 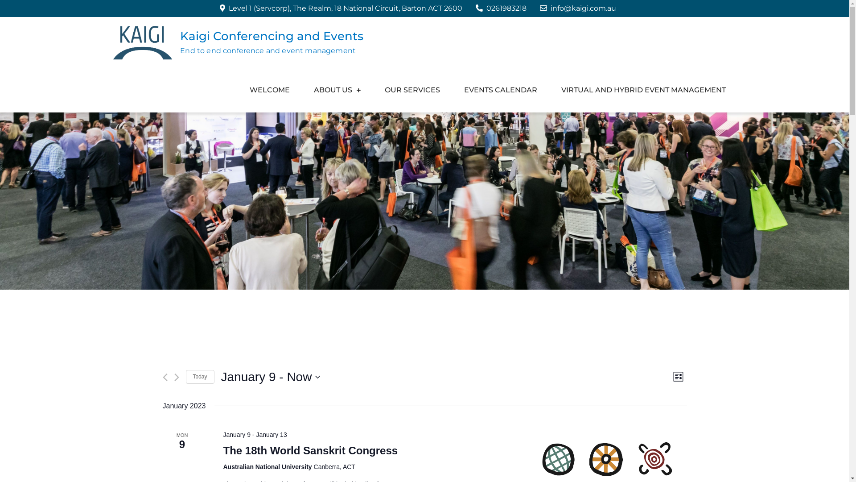 What do you see at coordinates (270, 377) in the screenshot?
I see `'January 9` at bounding box center [270, 377].